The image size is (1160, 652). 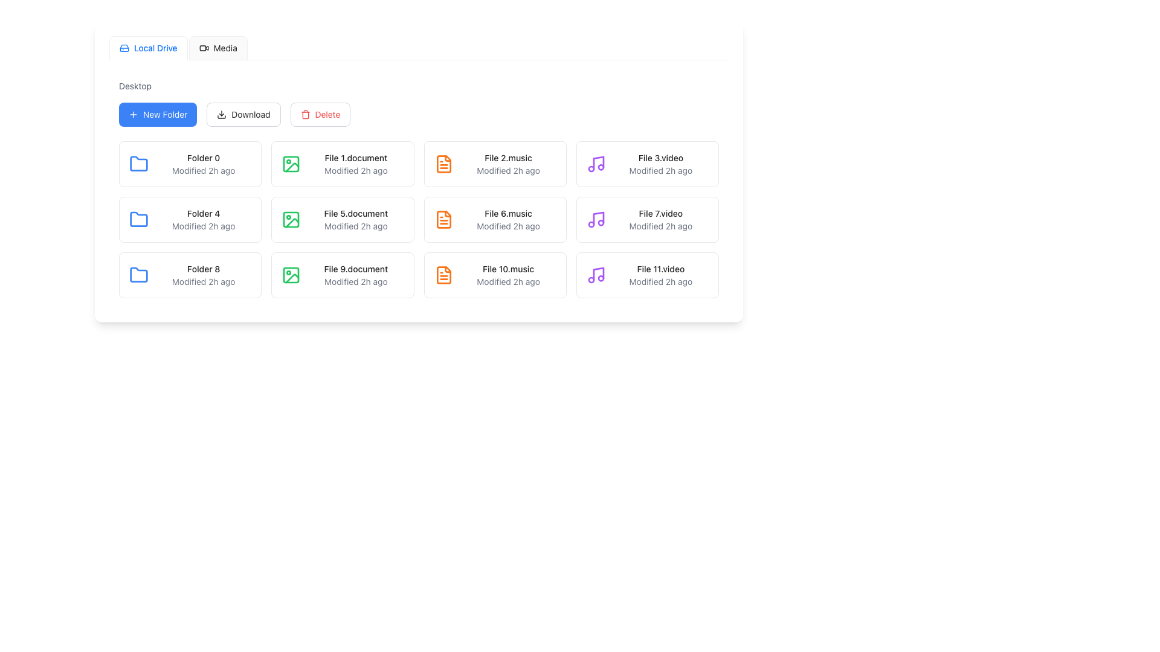 What do you see at coordinates (660, 269) in the screenshot?
I see `the text label displaying 'File 11.video', which is styled with a medium font weight and turns blue when hovered, located in the lower right cell of a six-row grid` at bounding box center [660, 269].